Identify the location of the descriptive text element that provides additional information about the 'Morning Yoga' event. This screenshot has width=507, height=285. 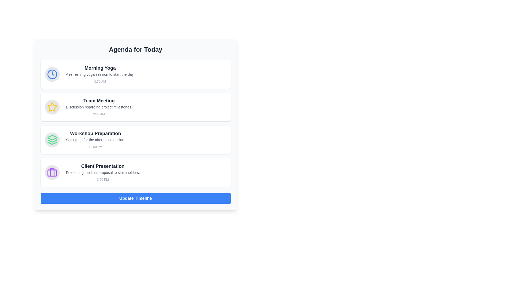
(100, 74).